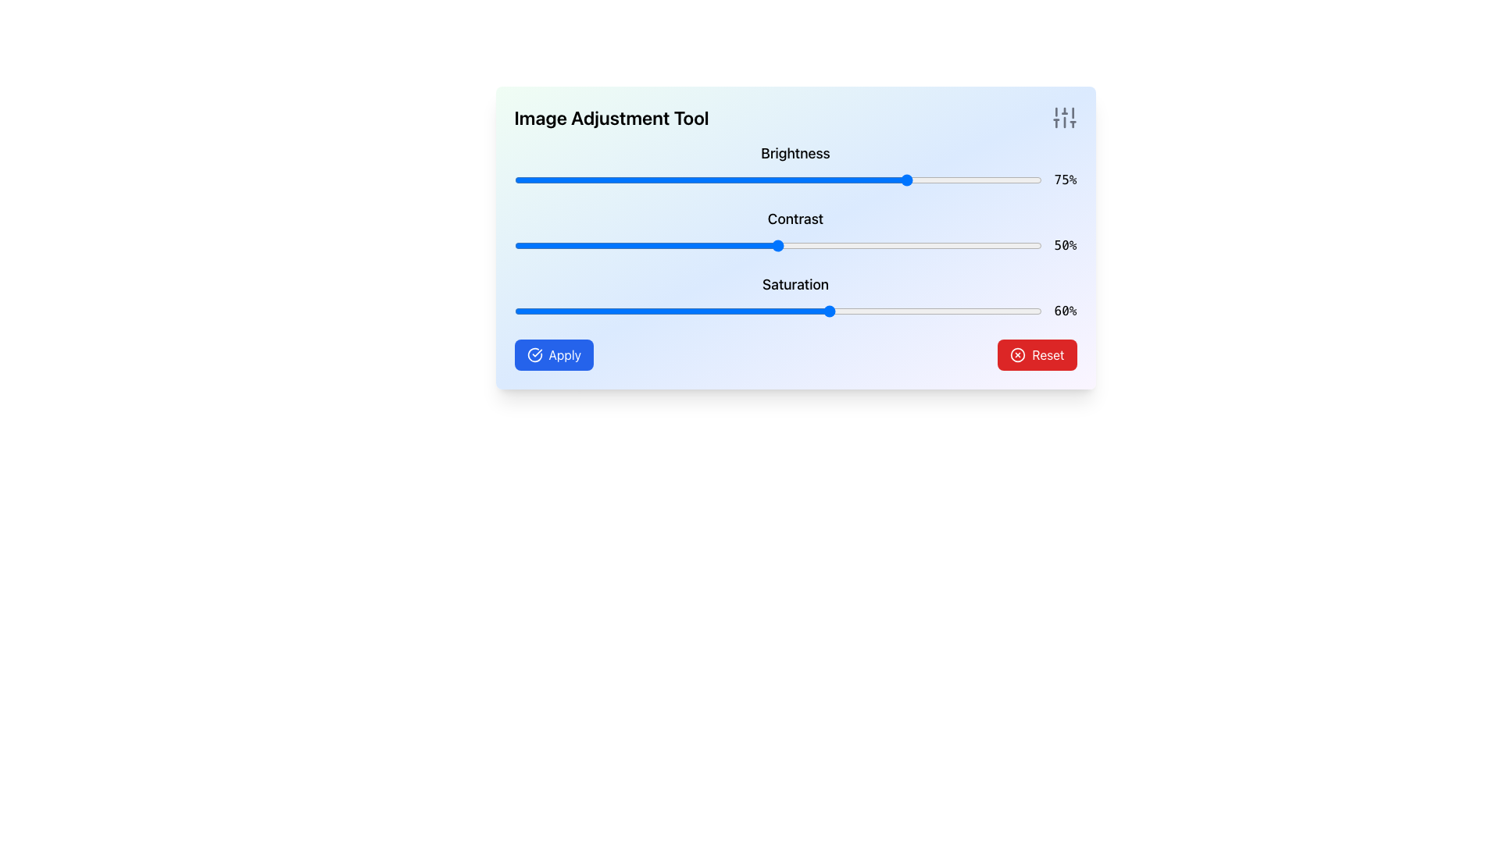 Image resolution: width=1500 pixels, height=843 pixels. Describe the element at coordinates (835, 311) in the screenshot. I see `the saturation` at that location.